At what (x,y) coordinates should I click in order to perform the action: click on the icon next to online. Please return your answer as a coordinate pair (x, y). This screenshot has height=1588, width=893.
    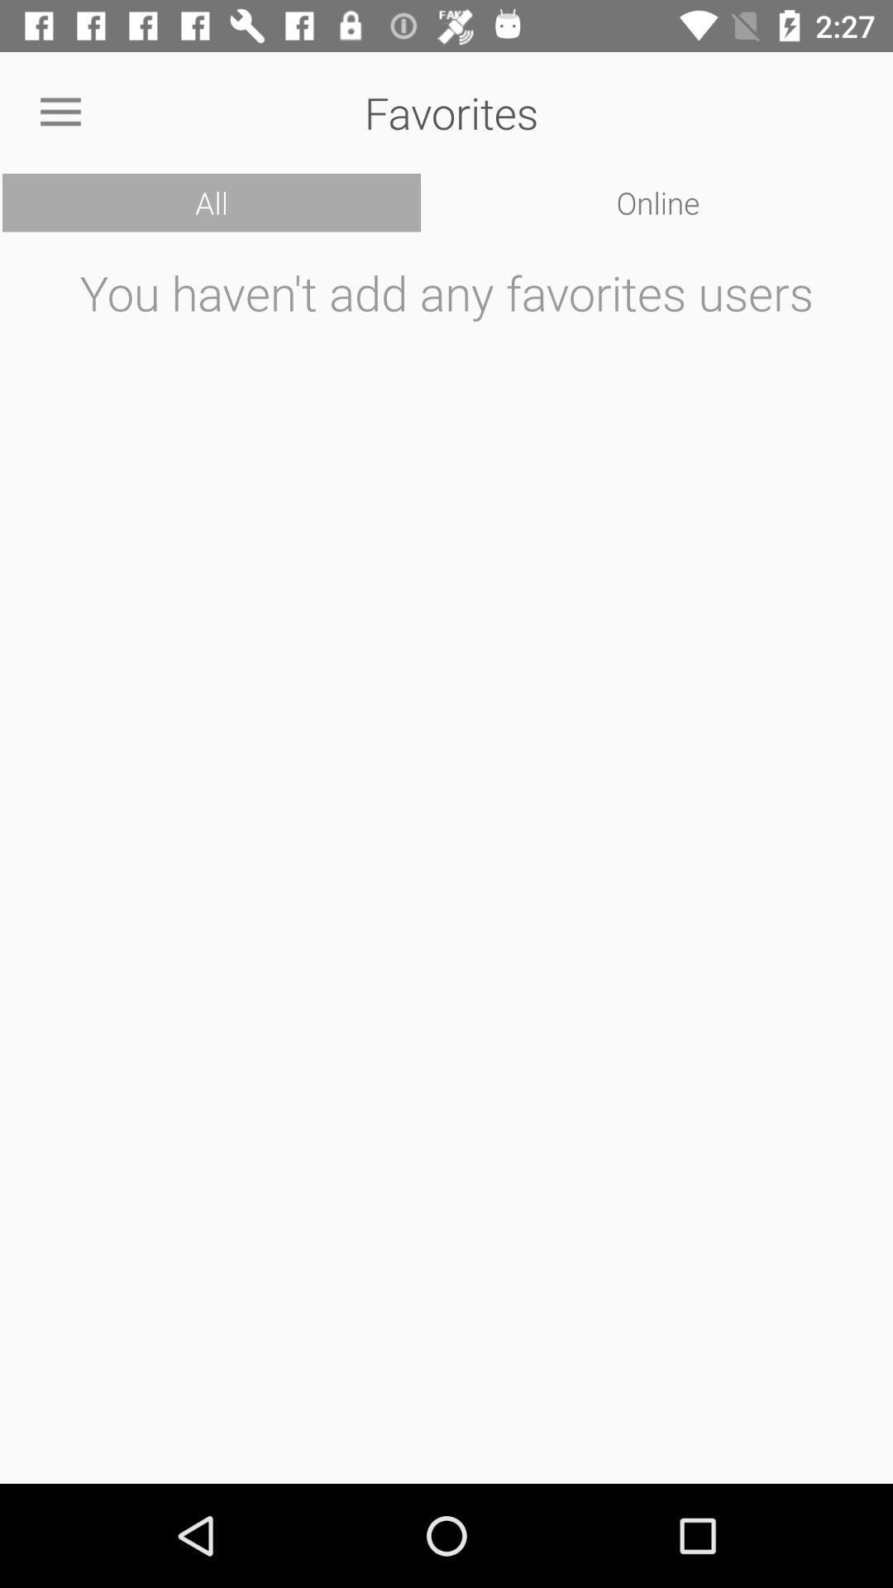
    Looking at the image, I should click on (211, 202).